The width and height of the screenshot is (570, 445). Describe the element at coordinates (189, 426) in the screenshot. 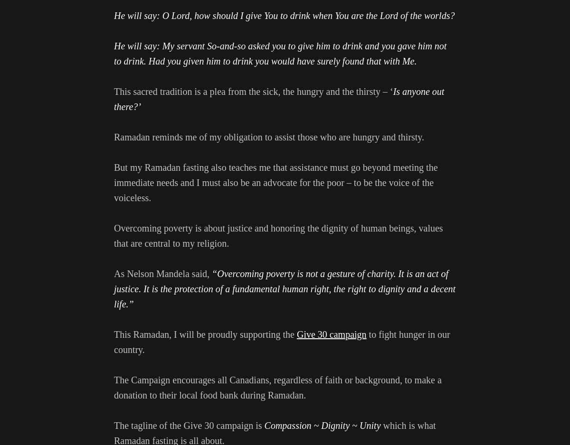

I see `'The tagline of the Give 30 campaign is'` at that location.